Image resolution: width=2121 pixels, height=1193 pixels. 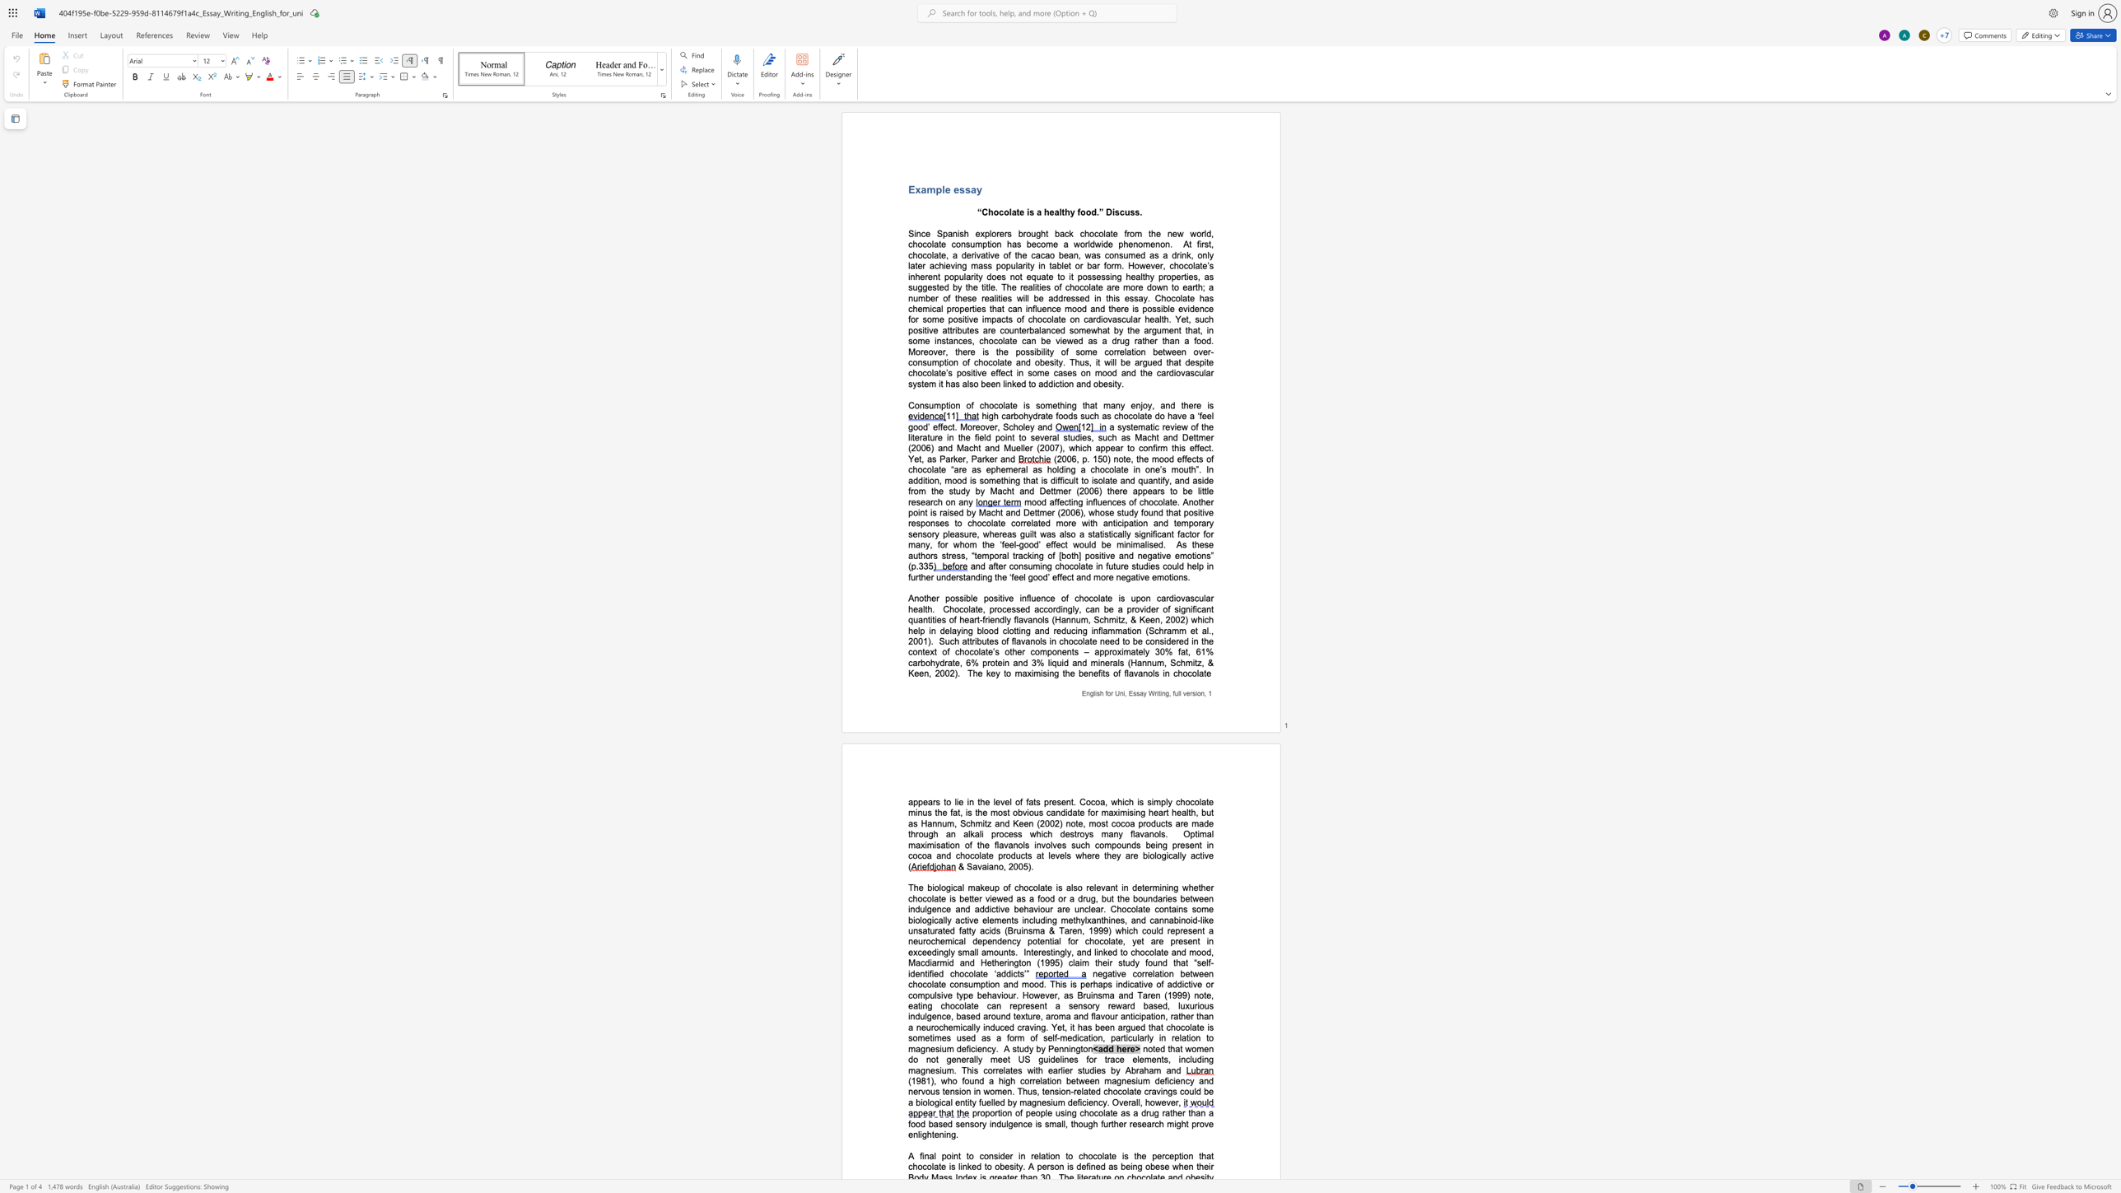 I want to click on the space between the continuous character "c" and "u" in the text, so click(x=1124, y=212).